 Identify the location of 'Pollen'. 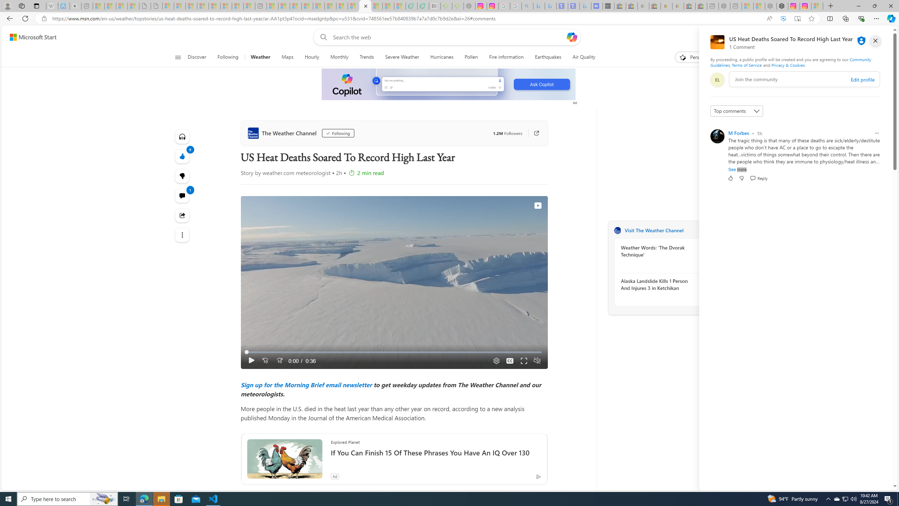
(471, 57).